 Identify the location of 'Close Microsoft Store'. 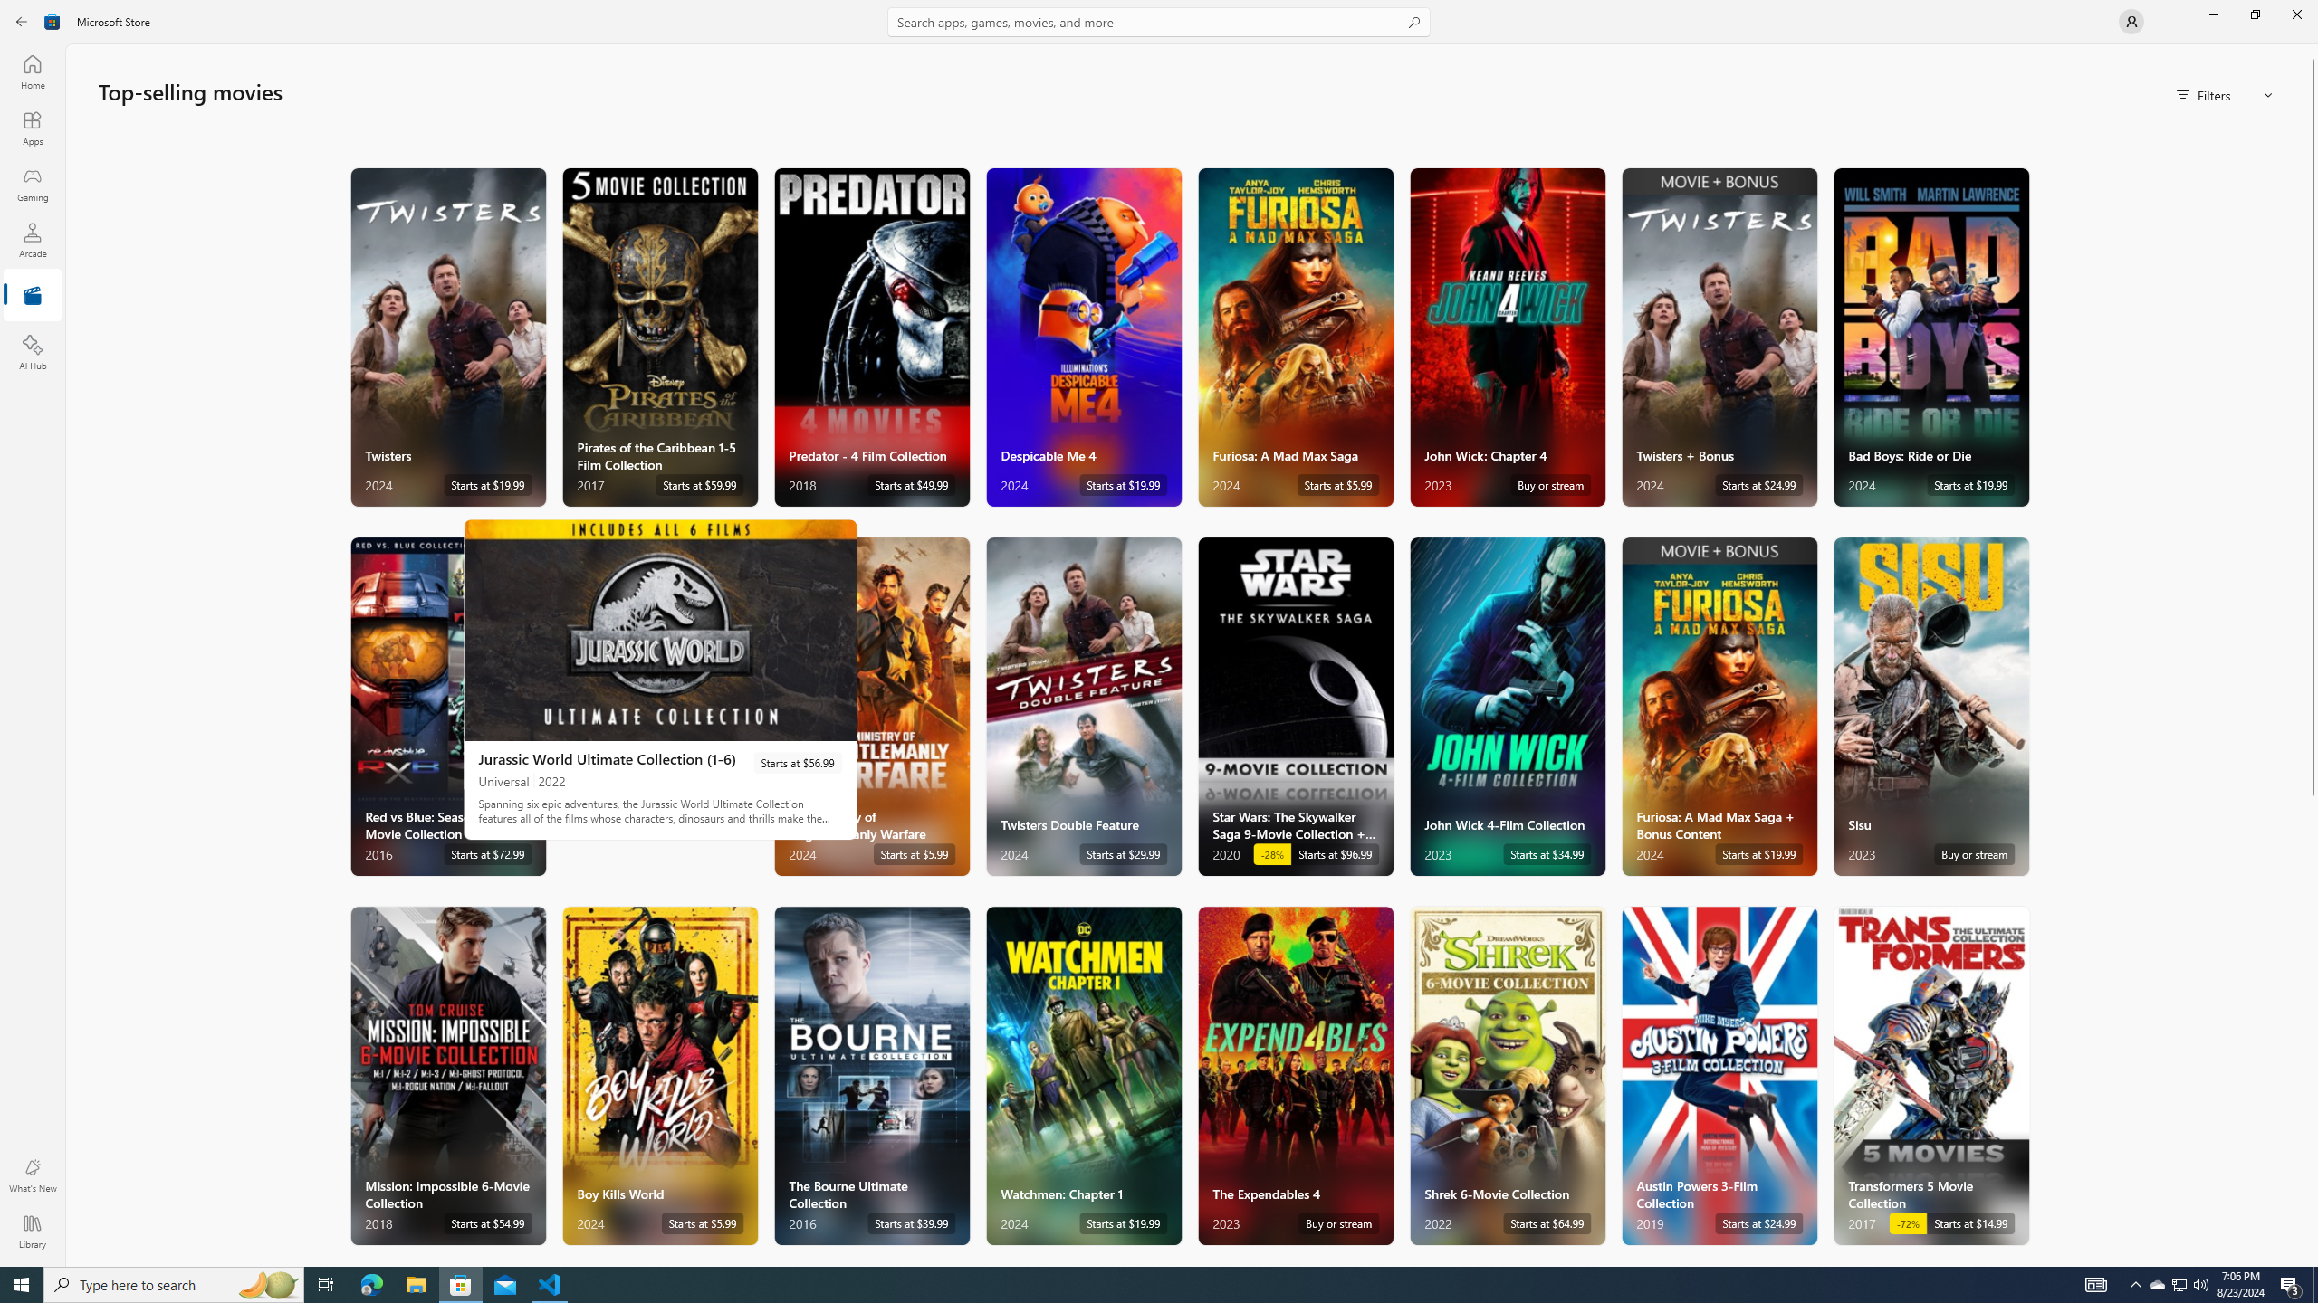
(2295, 14).